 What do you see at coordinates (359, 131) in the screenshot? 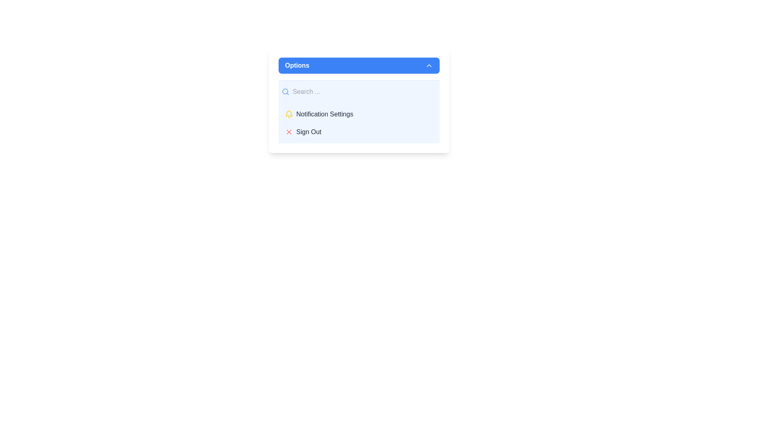
I see `the logout button located in the dropdown menu under 'Options', which is the second item below 'Notification Settings'` at bounding box center [359, 131].